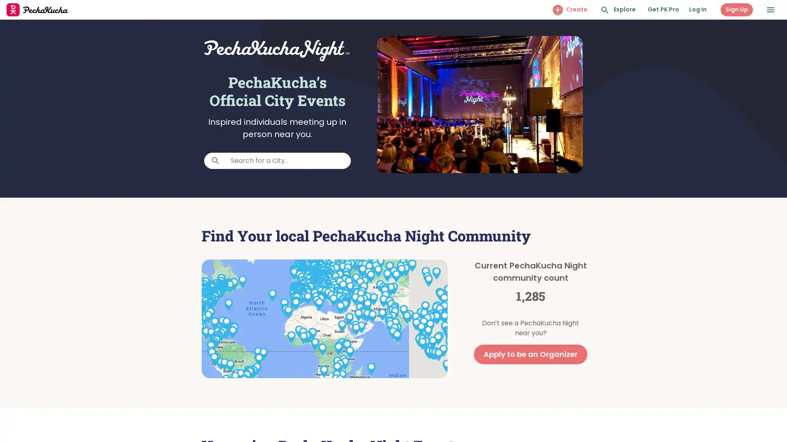  Describe the element at coordinates (363, 375) in the screenshot. I see `Keyboard shortcuts` at that location.